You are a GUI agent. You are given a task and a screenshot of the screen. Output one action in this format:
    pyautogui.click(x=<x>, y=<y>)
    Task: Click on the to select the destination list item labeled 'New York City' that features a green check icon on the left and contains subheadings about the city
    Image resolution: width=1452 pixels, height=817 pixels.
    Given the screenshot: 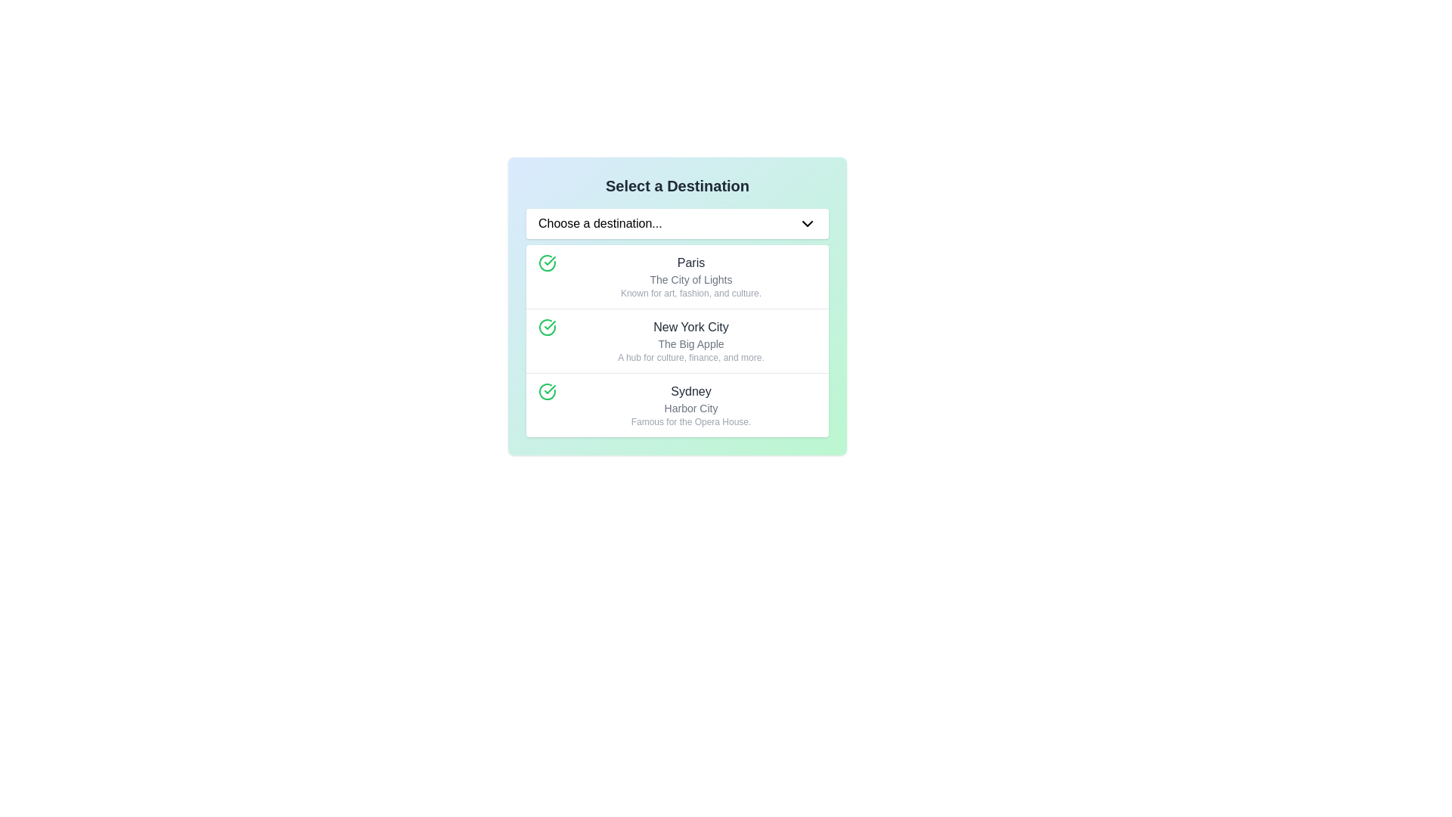 What is the action you would take?
    pyautogui.click(x=677, y=340)
    